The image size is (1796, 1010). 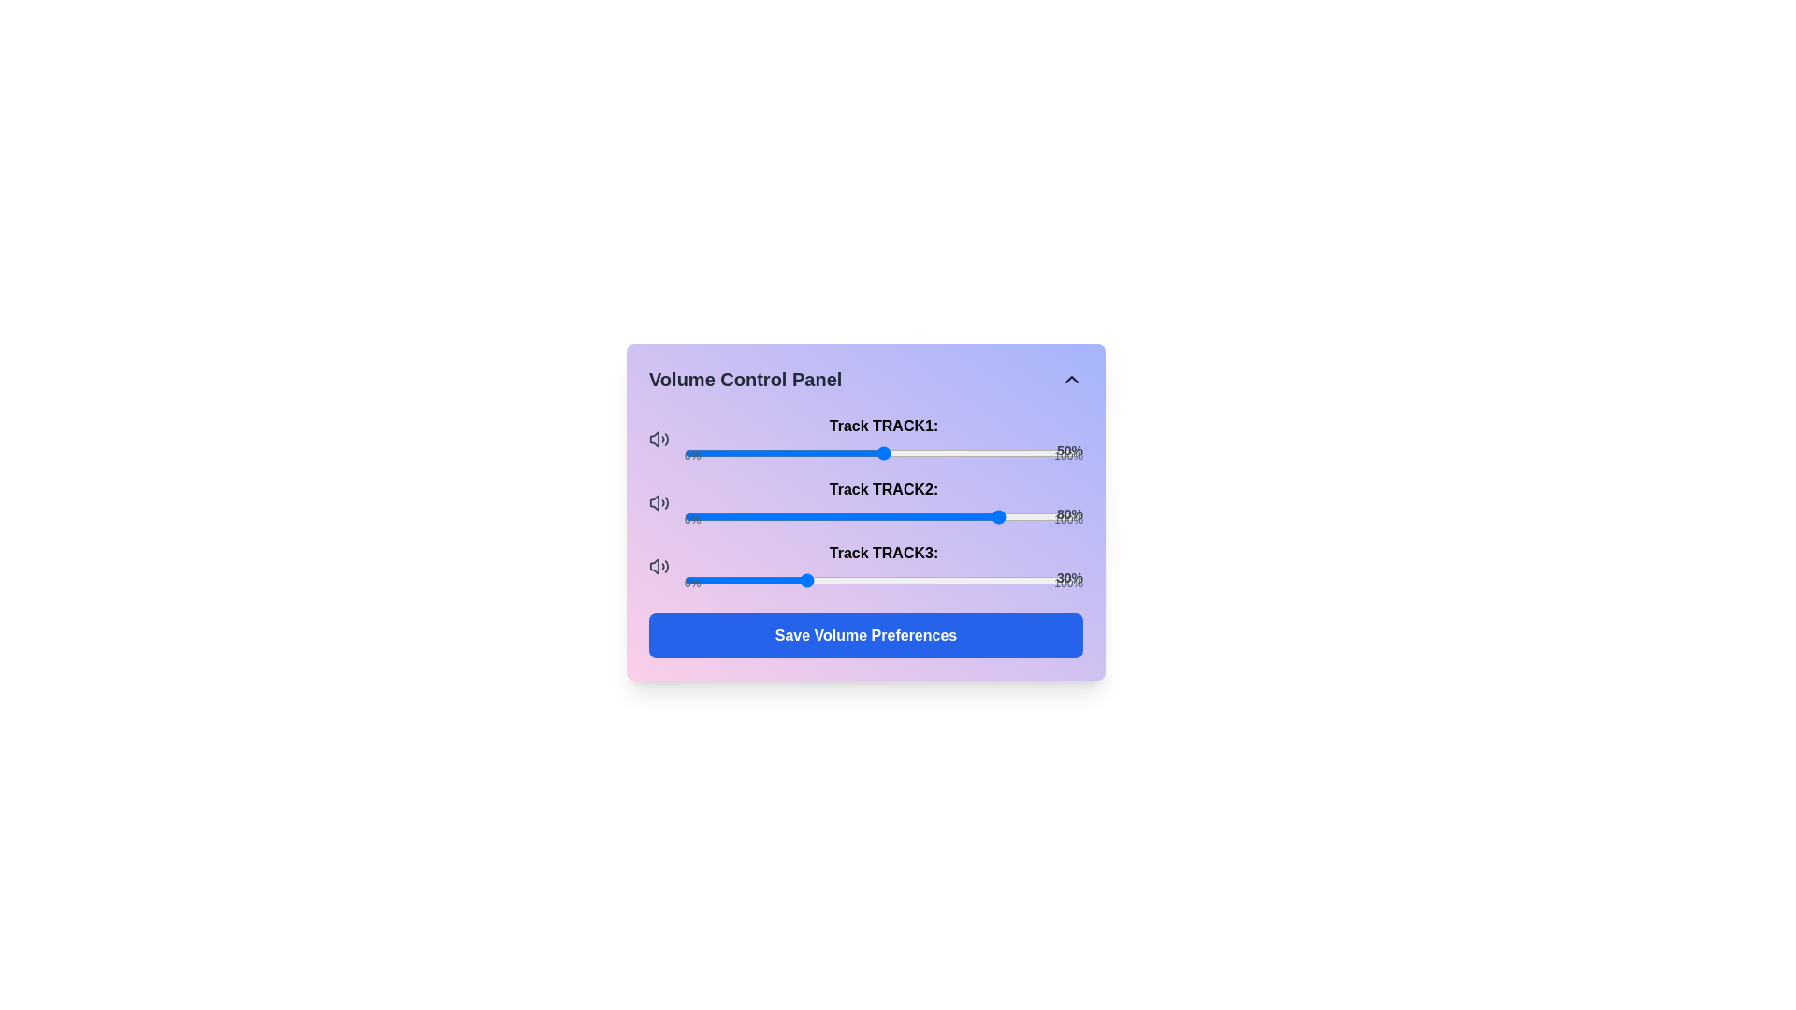 What do you see at coordinates (866, 580) in the screenshot?
I see `the slider value` at bounding box center [866, 580].